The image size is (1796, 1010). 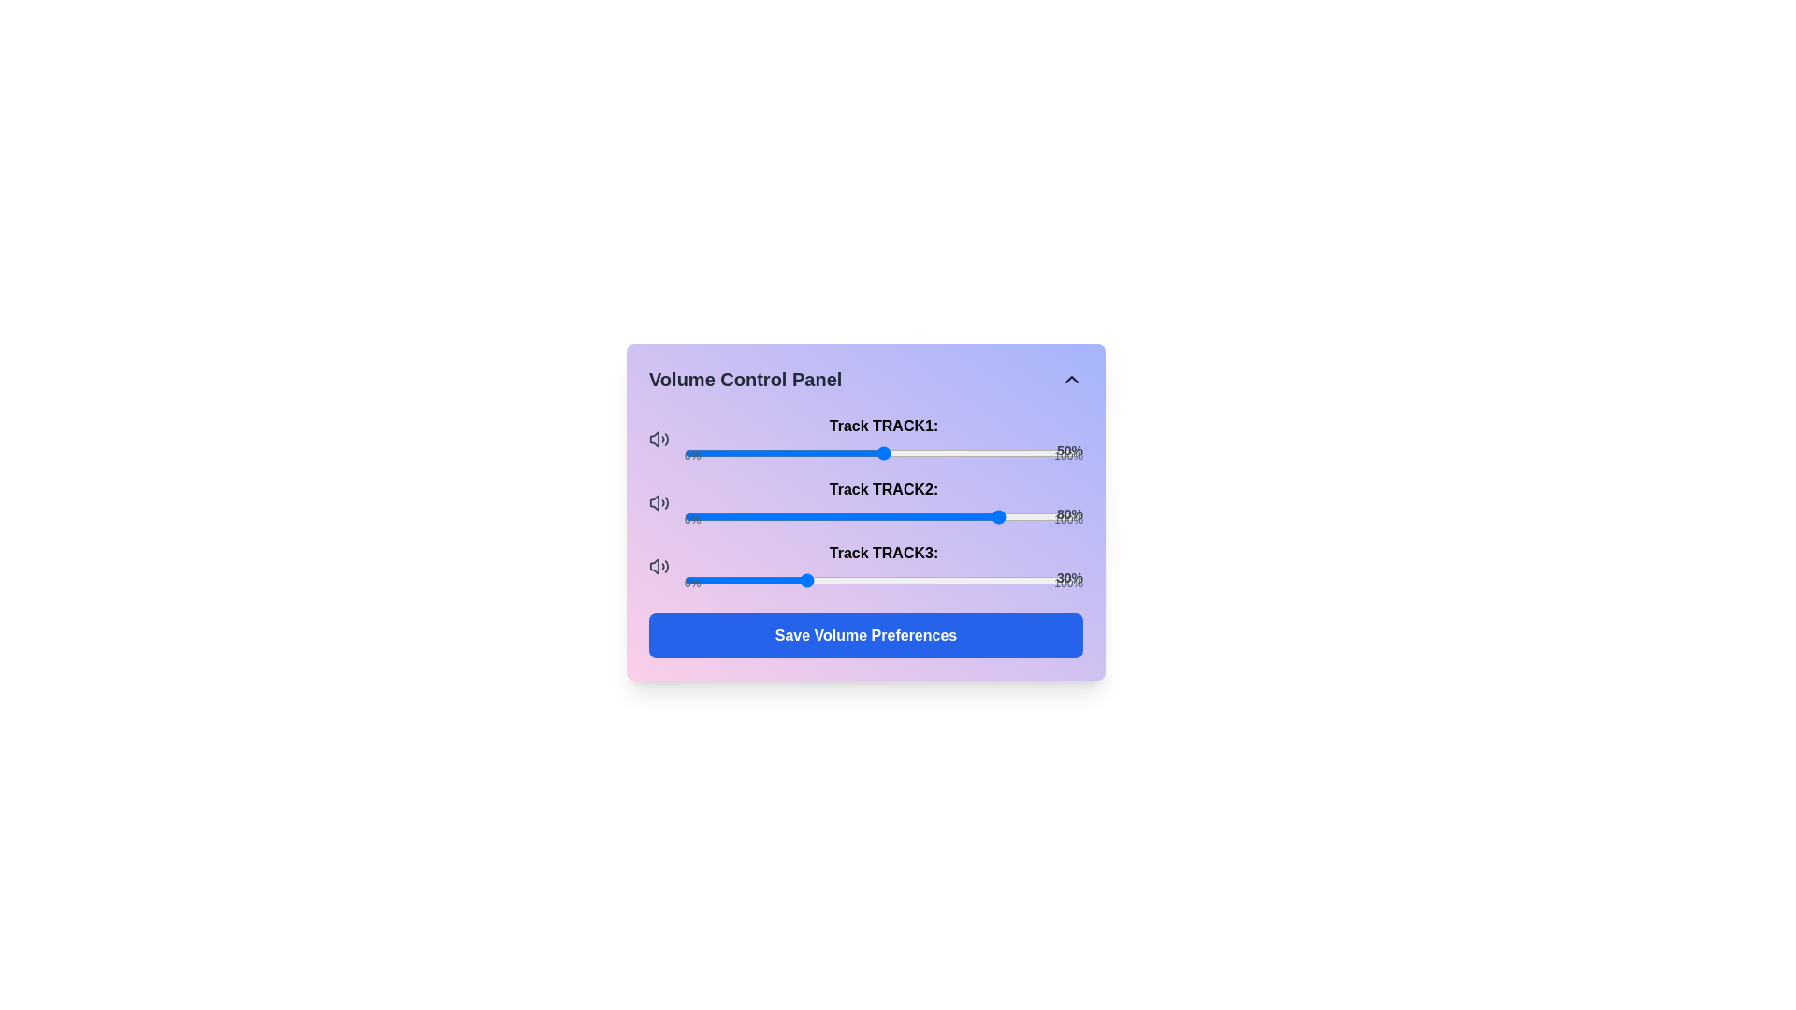 What do you see at coordinates (866, 580) in the screenshot?
I see `the slider value` at bounding box center [866, 580].